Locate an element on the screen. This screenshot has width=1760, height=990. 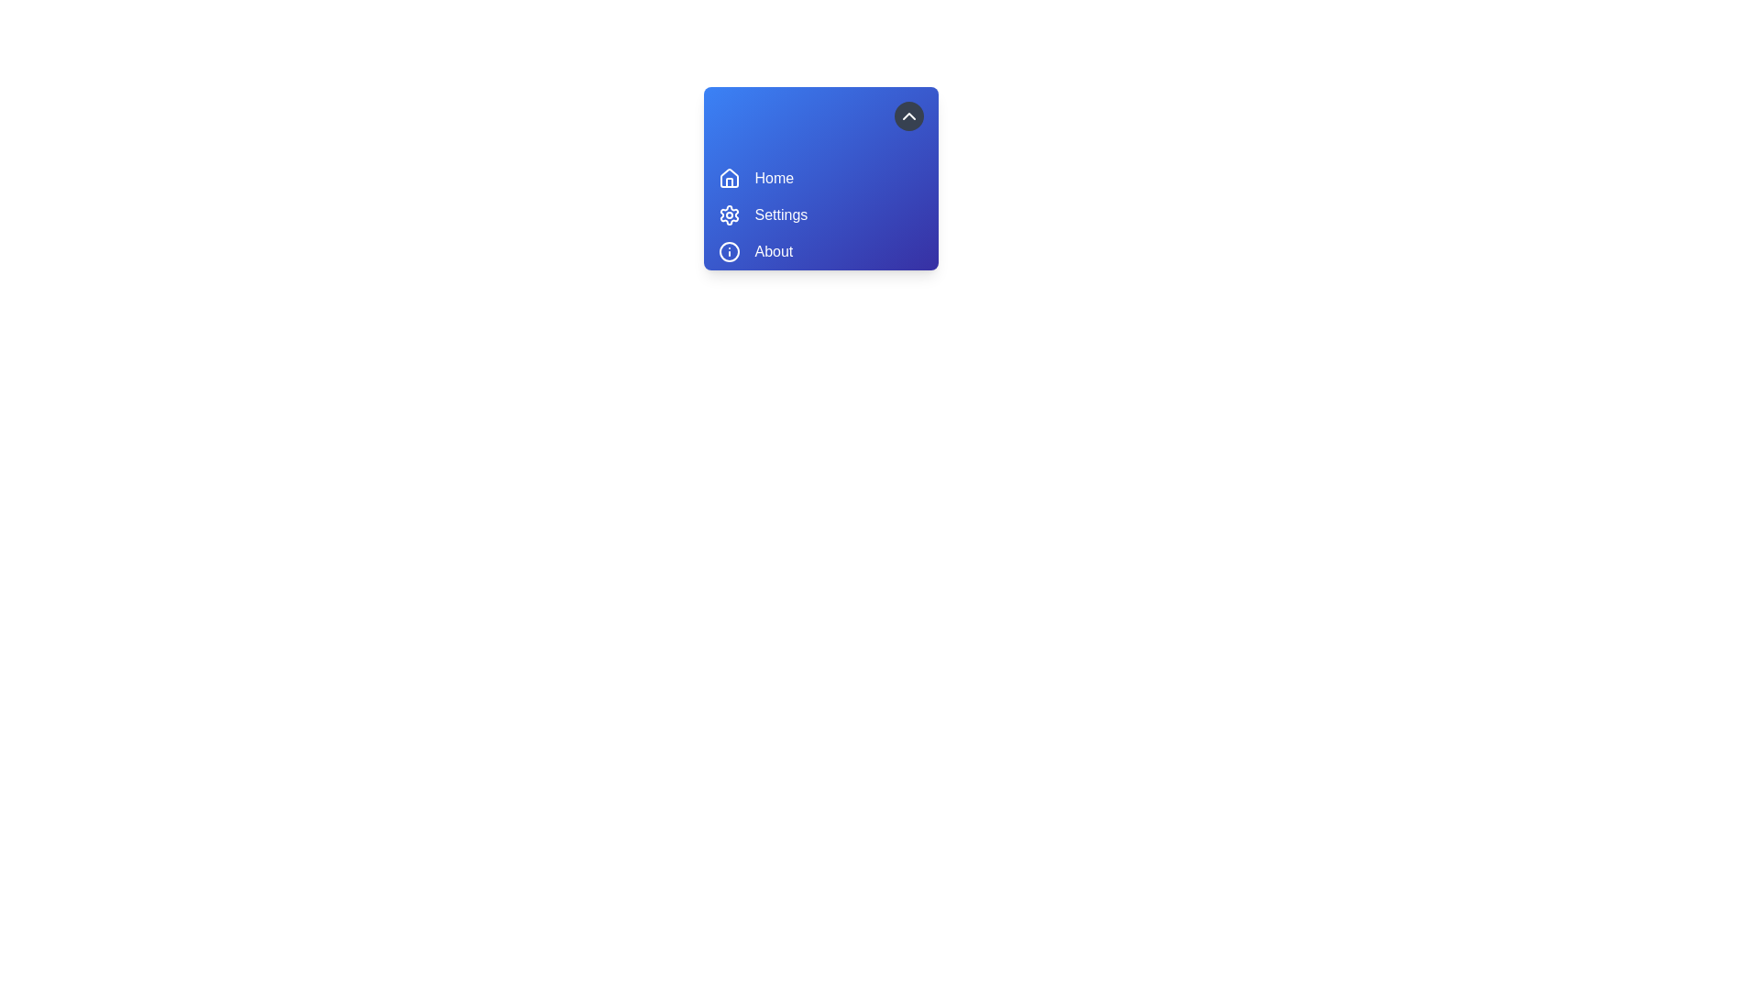
the 'Settings' icon located as the second item in the vertical menu is located at coordinates (728, 214).